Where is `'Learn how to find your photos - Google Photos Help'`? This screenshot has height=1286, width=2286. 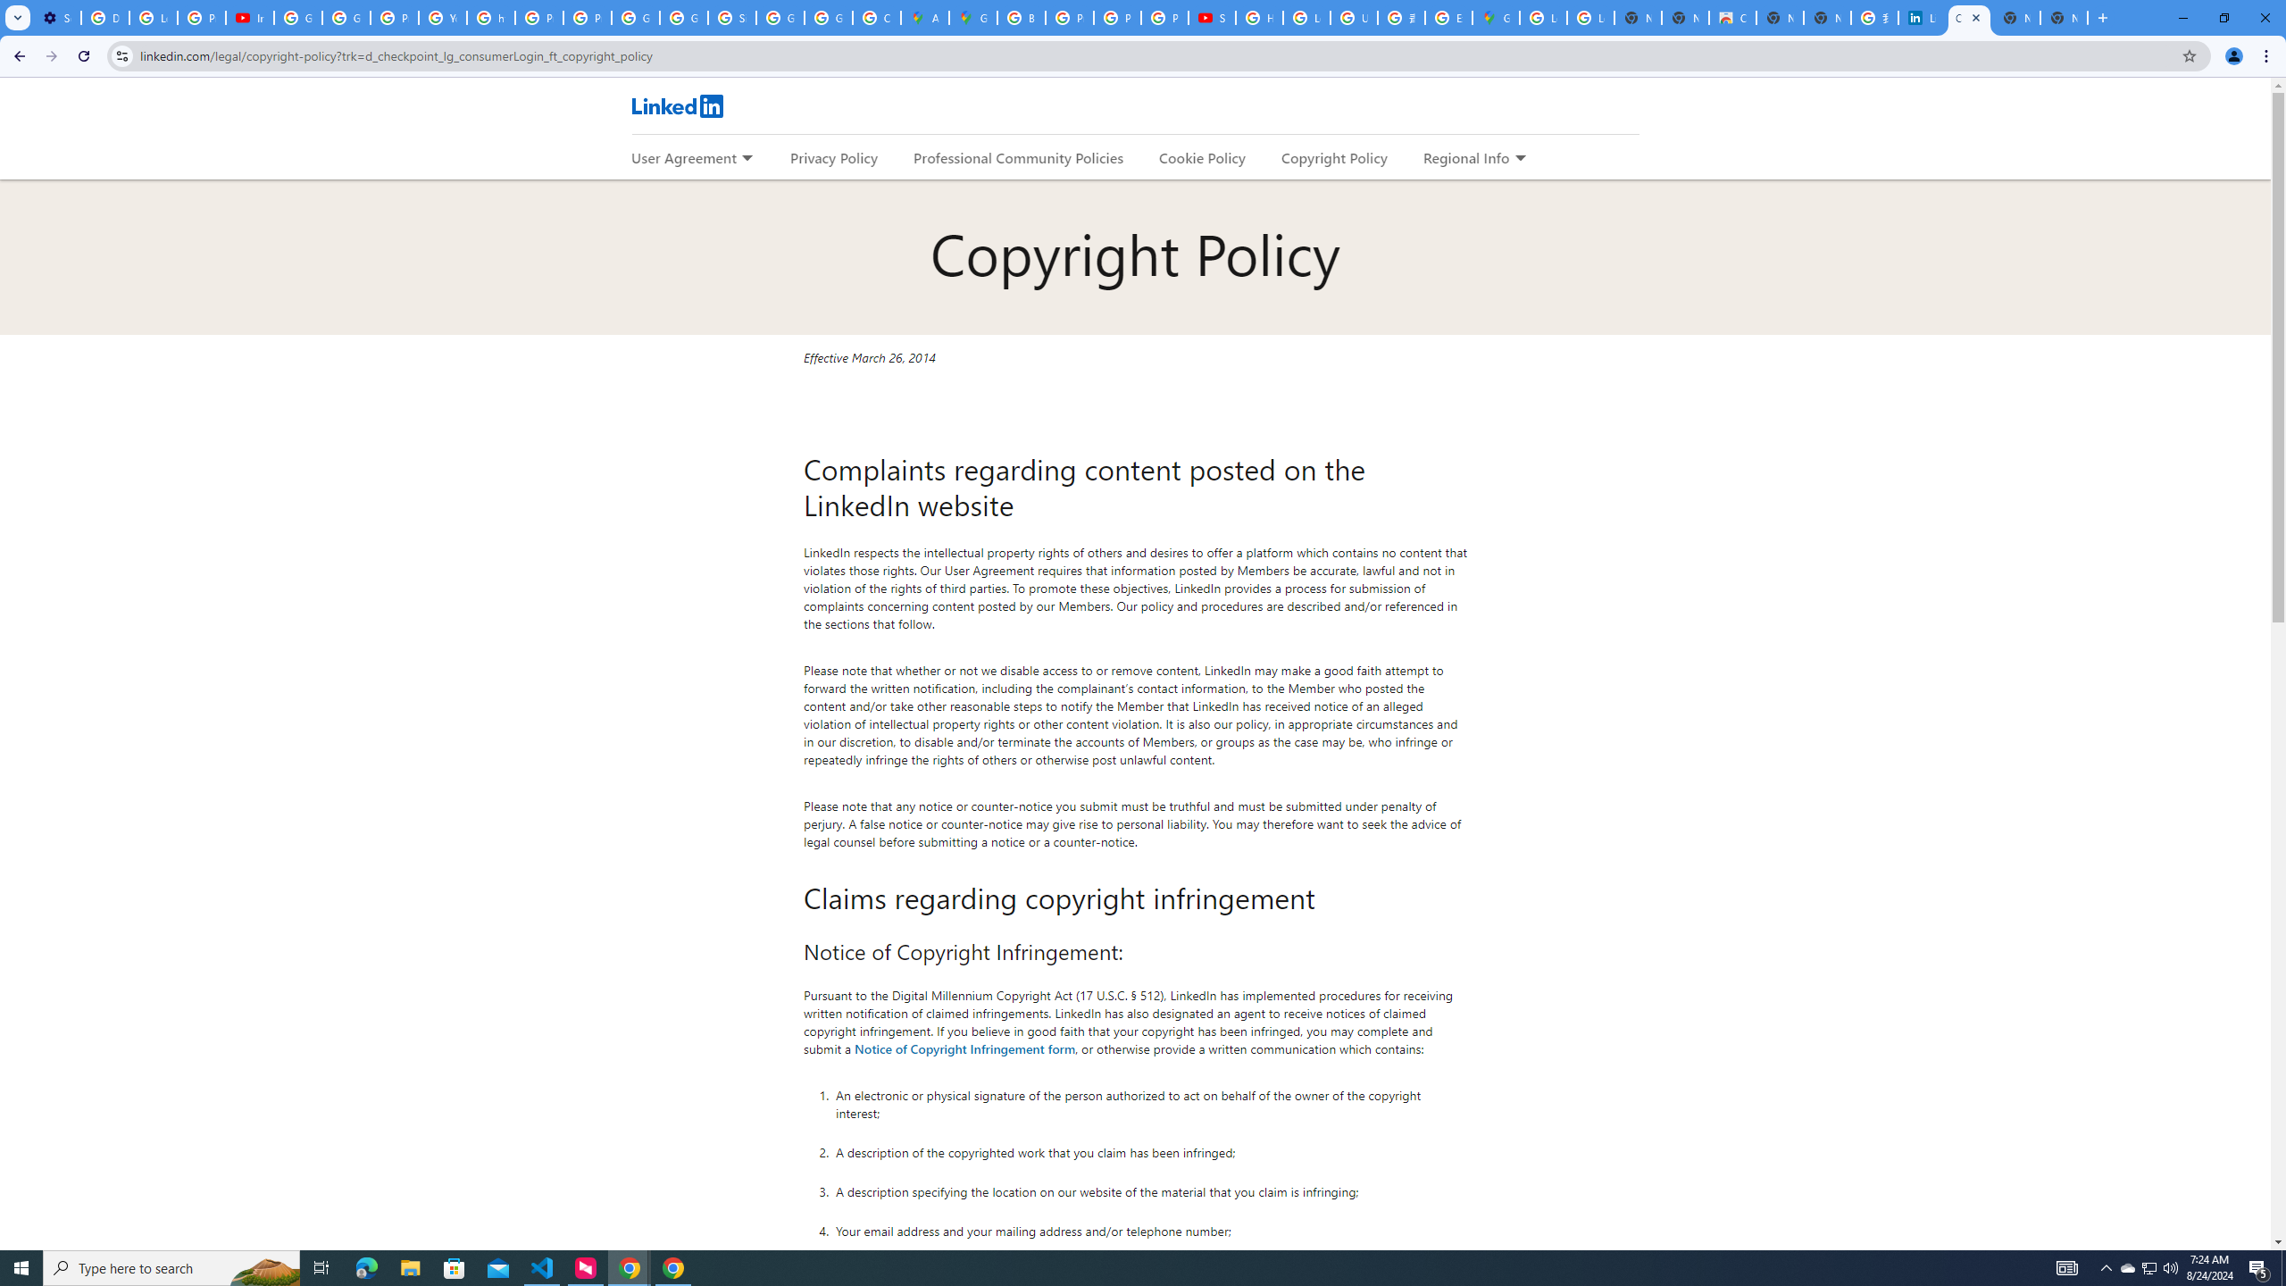 'Learn how to find your photos - Google Photos Help' is located at coordinates (153, 17).